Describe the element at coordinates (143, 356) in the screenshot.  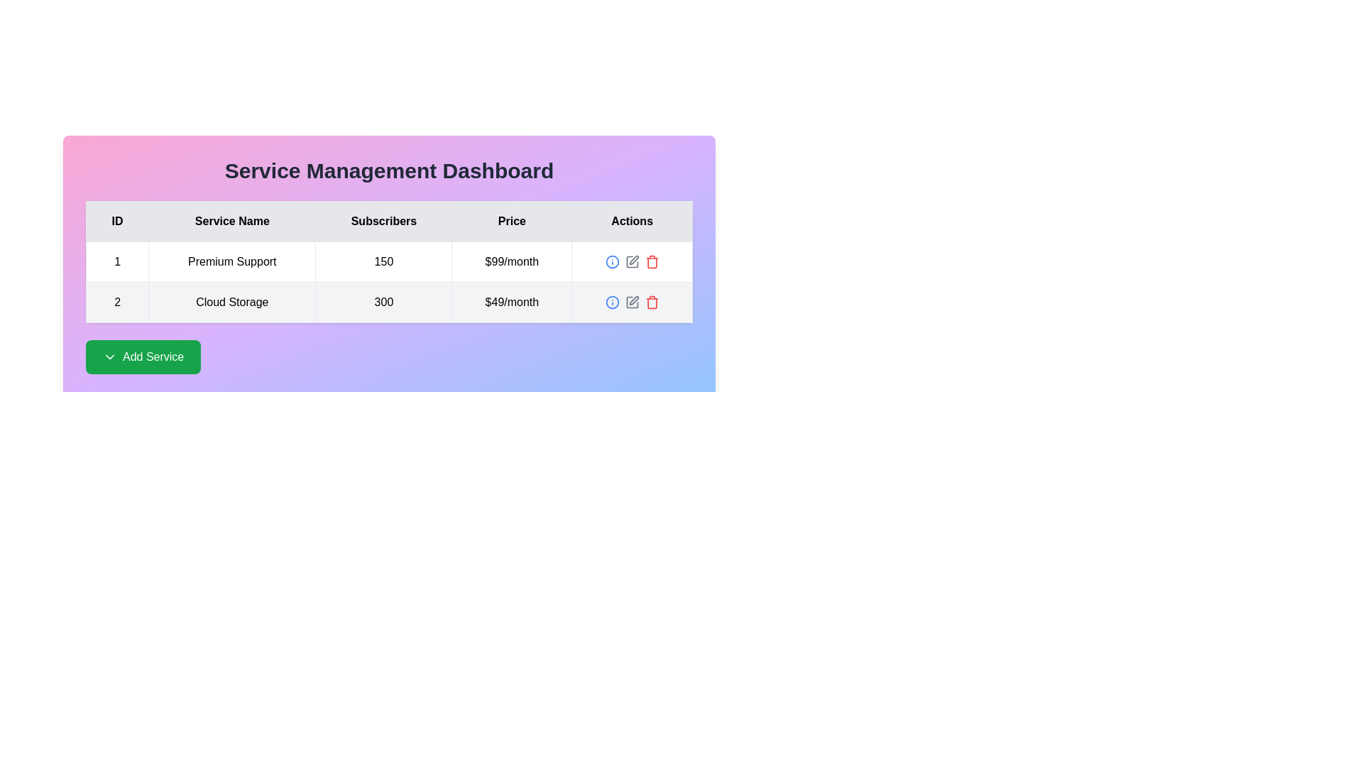
I see `the button used for adding a new service to the system` at that location.